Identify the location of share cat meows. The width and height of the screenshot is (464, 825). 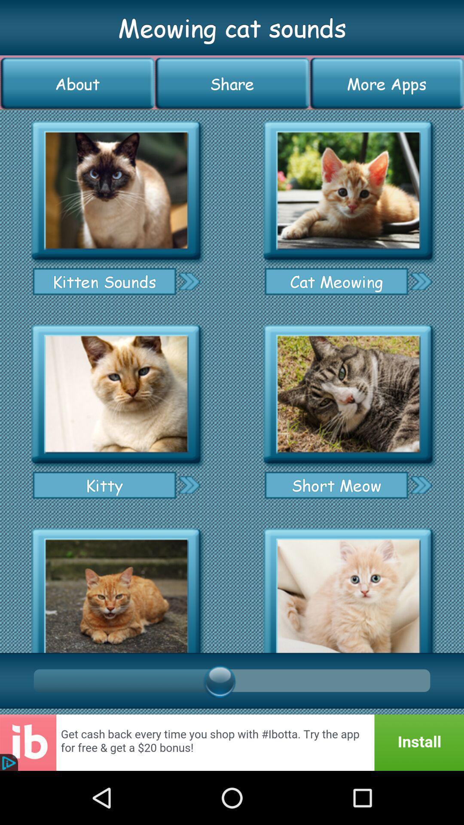
(189, 485).